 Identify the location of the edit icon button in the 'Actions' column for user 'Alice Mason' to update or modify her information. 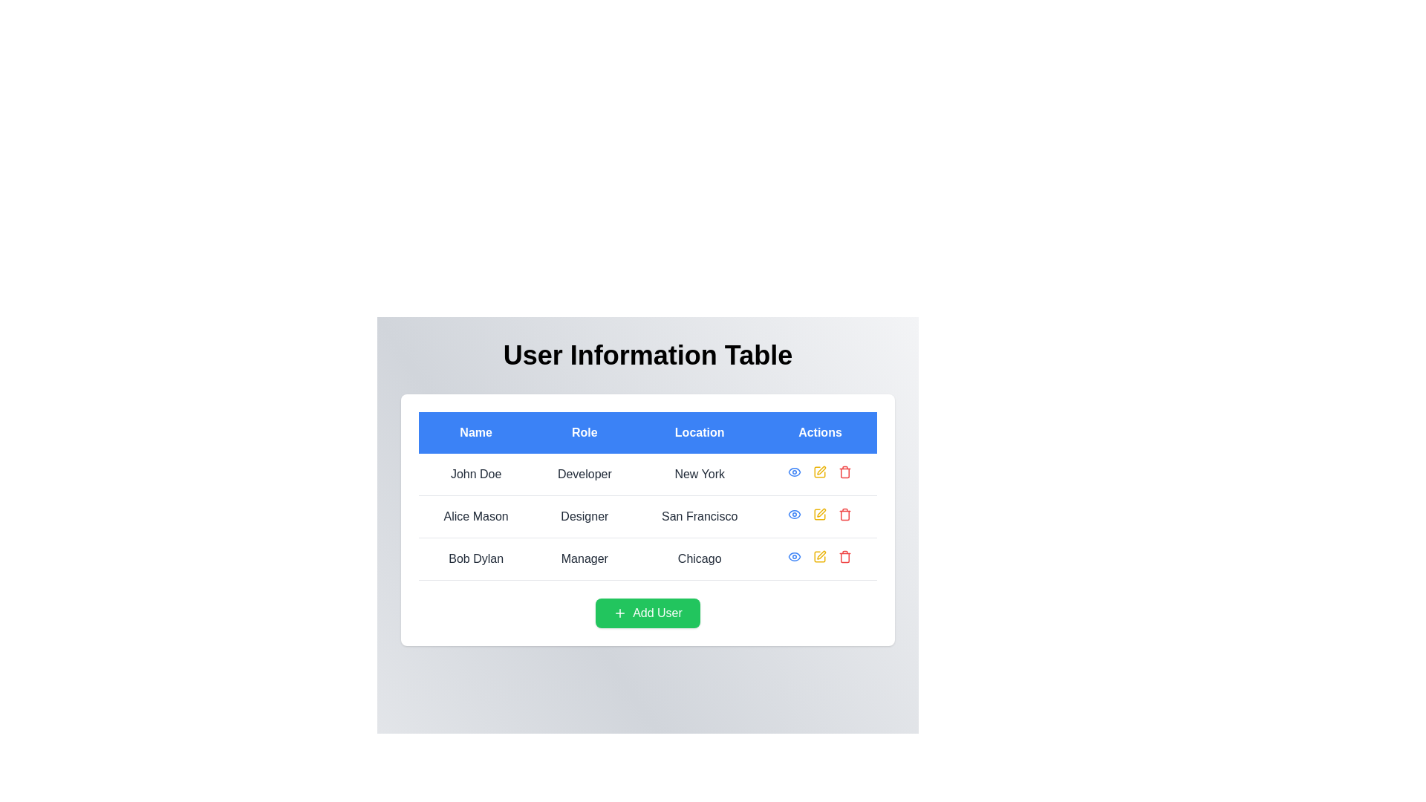
(819, 472).